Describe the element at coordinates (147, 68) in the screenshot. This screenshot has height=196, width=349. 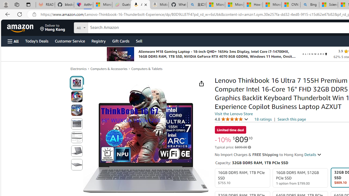
I see `'Computers & Tablets'` at that location.